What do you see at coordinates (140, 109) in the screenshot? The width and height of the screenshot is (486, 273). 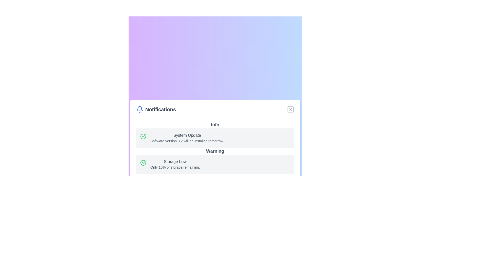 I see `the blue bell icon that represents the notifications section, located to the left of the 'Notifications' text` at bounding box center [140, 109].